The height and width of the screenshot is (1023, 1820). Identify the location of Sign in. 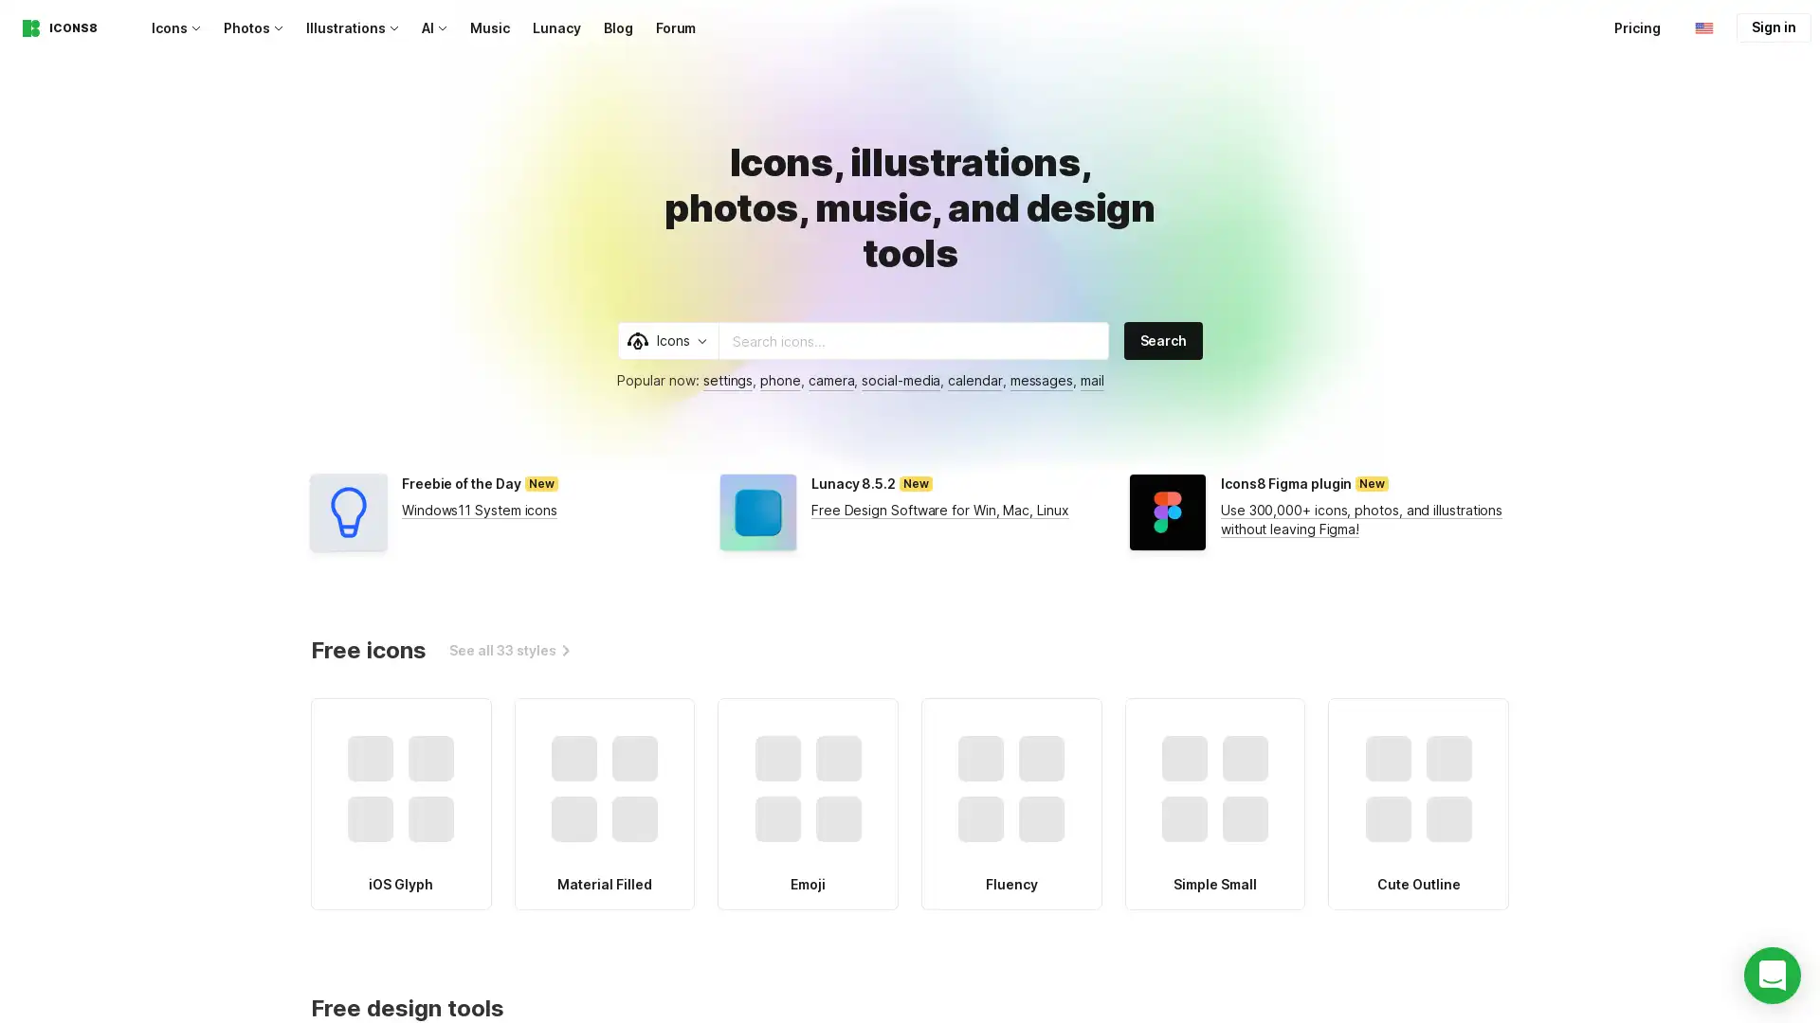
(1773, 27).